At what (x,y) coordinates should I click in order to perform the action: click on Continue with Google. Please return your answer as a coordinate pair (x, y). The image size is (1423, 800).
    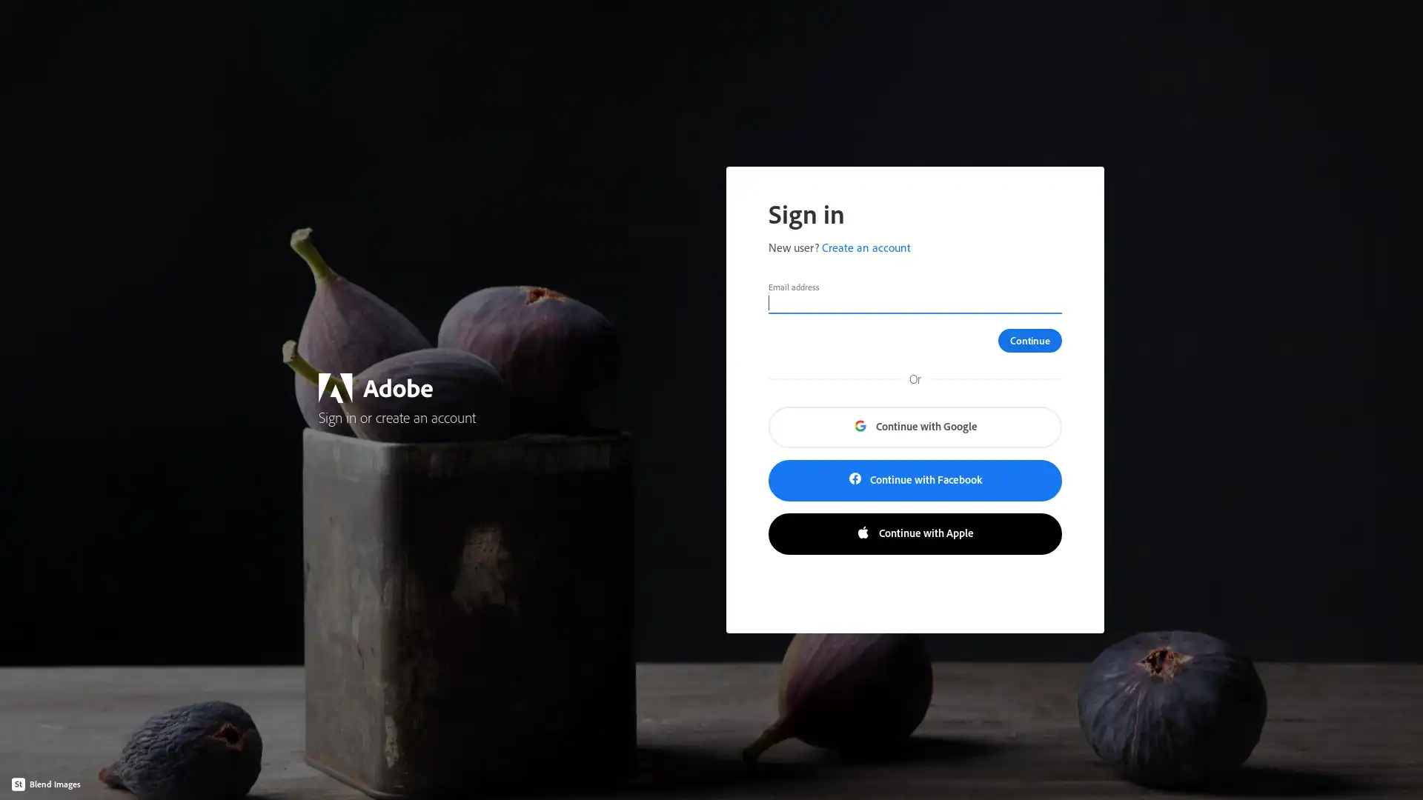
    Looking at the image, I should click on (914, 427).